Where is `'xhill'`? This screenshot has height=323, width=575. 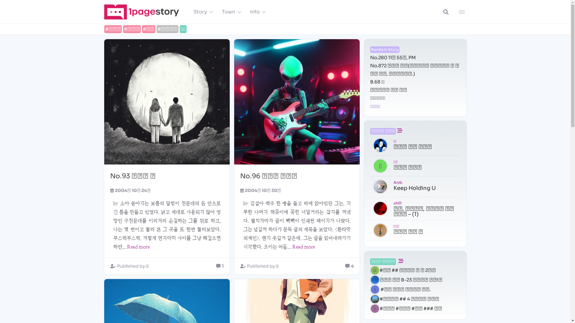 'xhill' is located at coordinates (397, 202).